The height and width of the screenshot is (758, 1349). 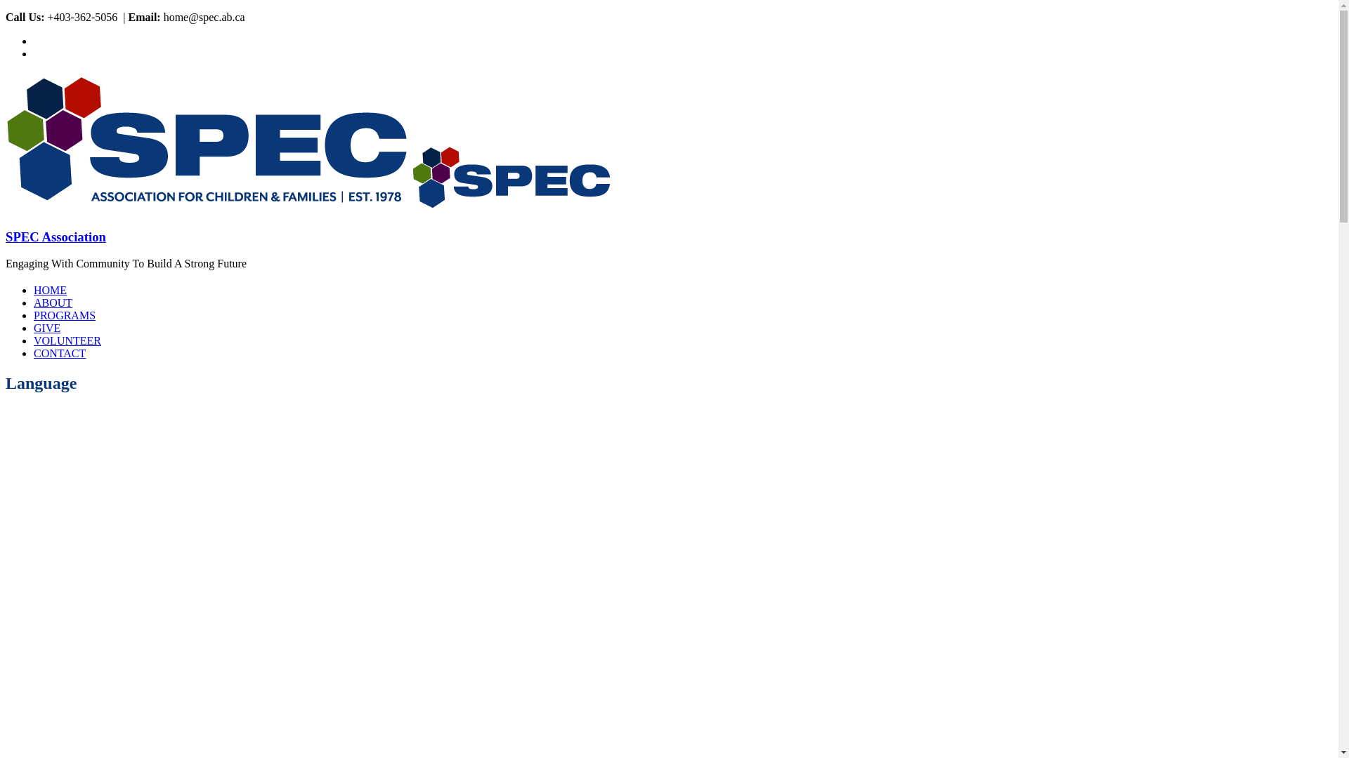 What do you see at coordinates (63, 314) in the screenshot?
I see `'PROGRAMS'` at bounding box center [63, 314].